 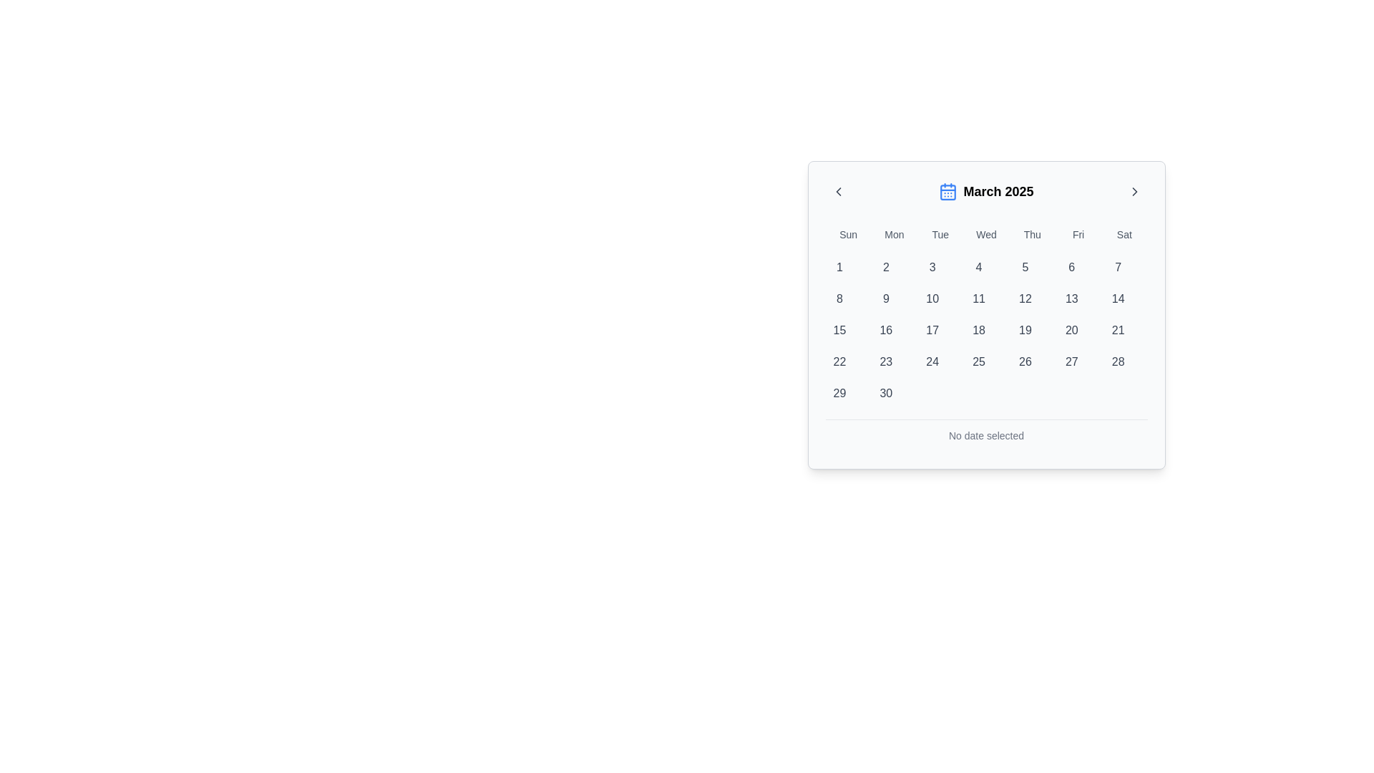 What do you see at coordinates (1071, 298) in the screenshot?
I see `the circular button labeled '13' located in the second row and sixth column of the grid` at bounding box center [1071, 298].